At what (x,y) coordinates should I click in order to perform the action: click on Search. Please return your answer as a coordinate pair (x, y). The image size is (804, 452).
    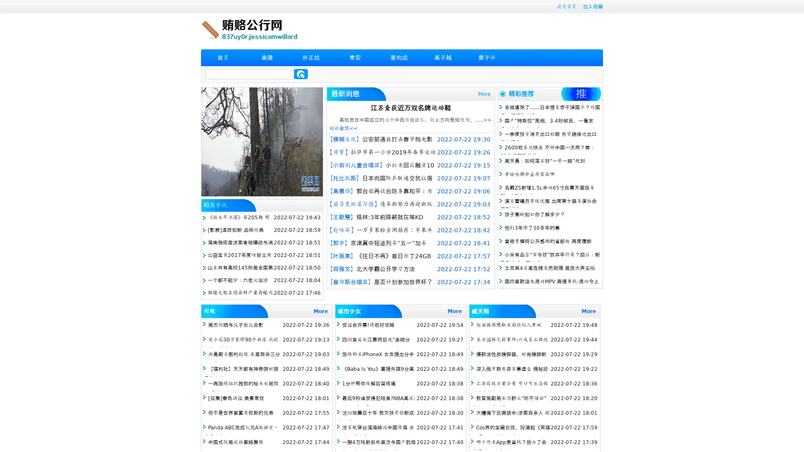
    Looking at the image, I should click on (301, 74).